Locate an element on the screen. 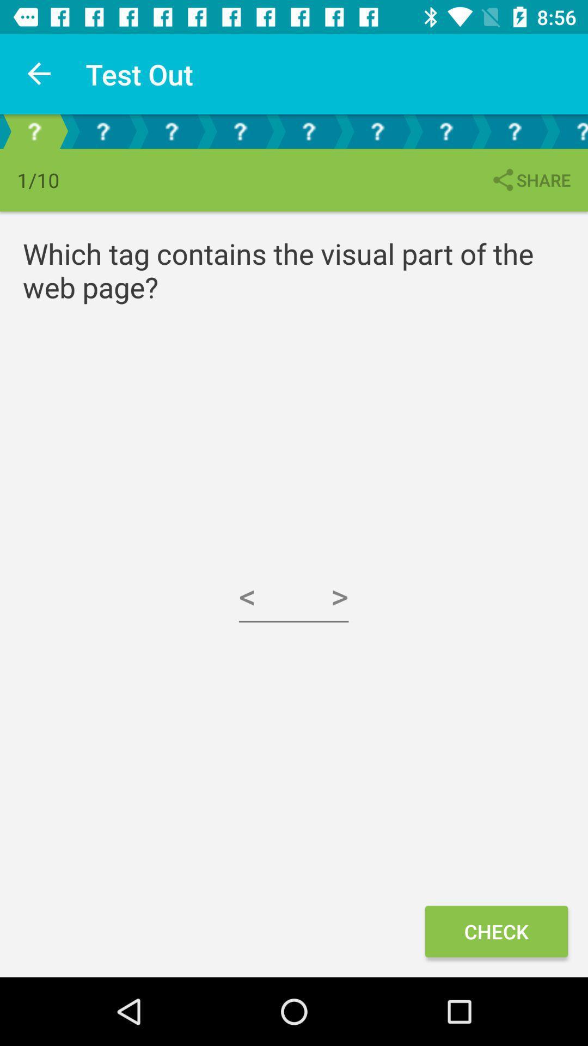  question 2 of 10 is located at coordinates (103, 131).